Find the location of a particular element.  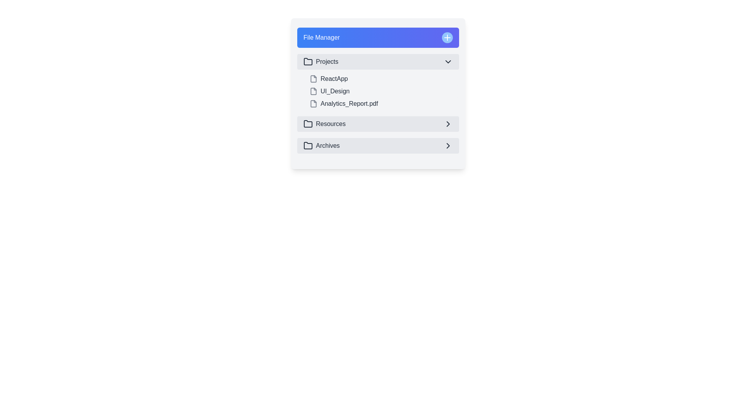

the 'Archives' folder item in the file manager interface is located at coordinates (378, 145).